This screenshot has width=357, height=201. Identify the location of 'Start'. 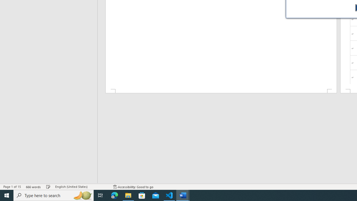
(7, 195).